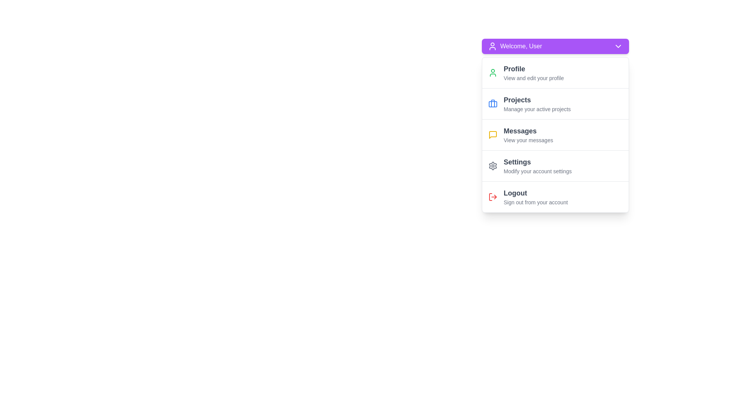 The image size is (736, 414). Describe the element at coordinates (493, 134) in the screenshot. I see `the 'Messages' icon located to the left of the text label in the third row of the vertical menu, which represents communication-related actions` at that location.